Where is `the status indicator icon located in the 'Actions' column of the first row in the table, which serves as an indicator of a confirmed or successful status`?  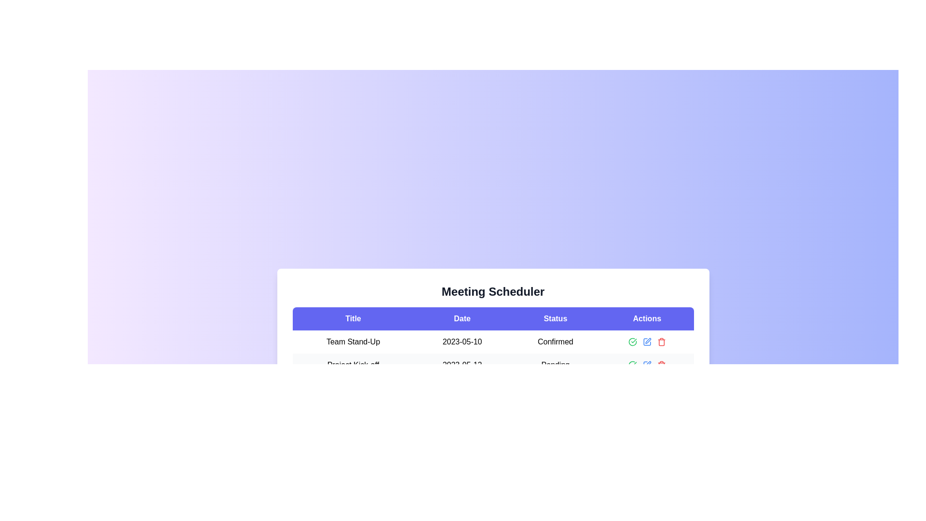
the status indicator icon located in the 'Actions' column of the first row in the table, which serves as an indicator of a confirmed or successful status is located at coordinates (632, 365).